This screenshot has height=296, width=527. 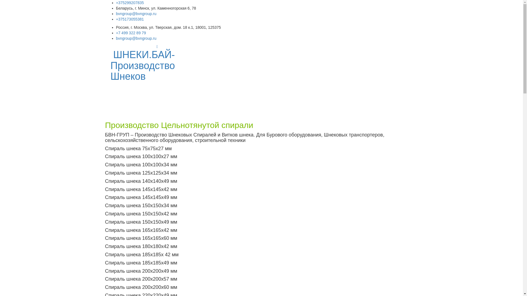 What do you see at coordinates (130, 33) in the screenshot?
I see `'+7 499 322 89 79'` at bounding box center [130, 33].